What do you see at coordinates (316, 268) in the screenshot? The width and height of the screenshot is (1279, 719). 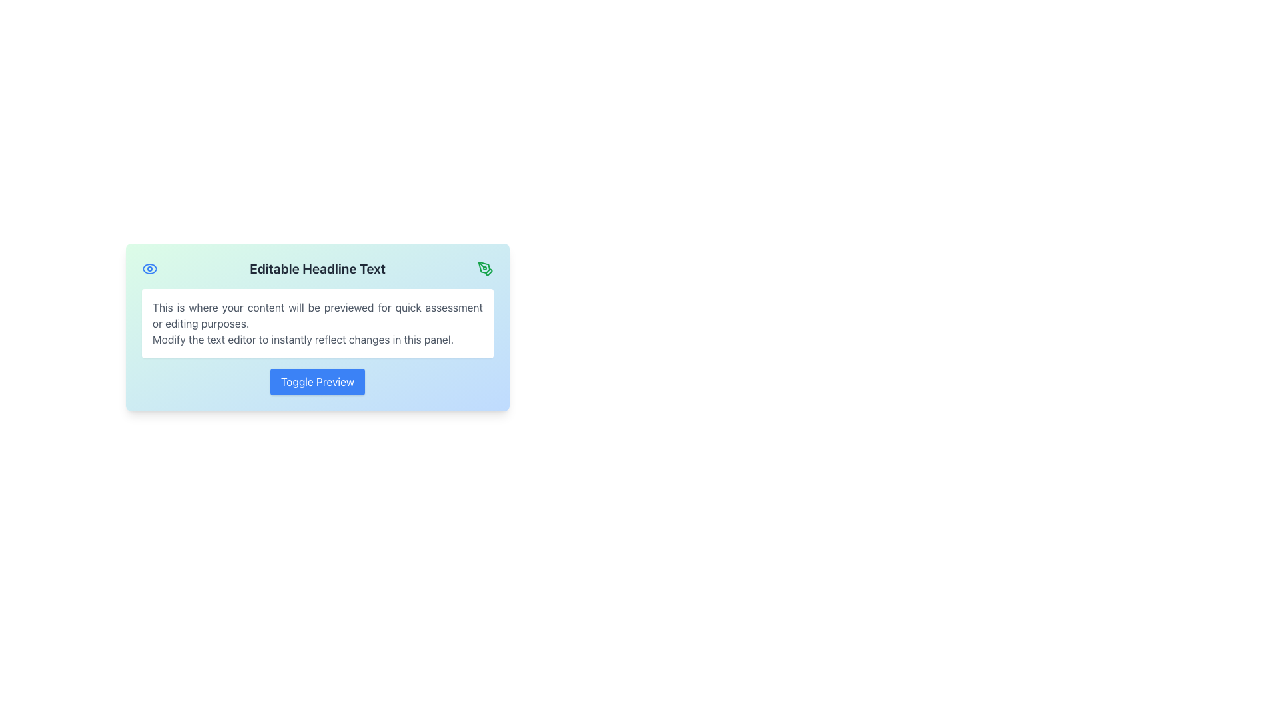 I see `prominent heading text element styled with a bold, large font that contains 'Editable Headline Text', located at the top center of the panel` at bounding box center [316, 268].